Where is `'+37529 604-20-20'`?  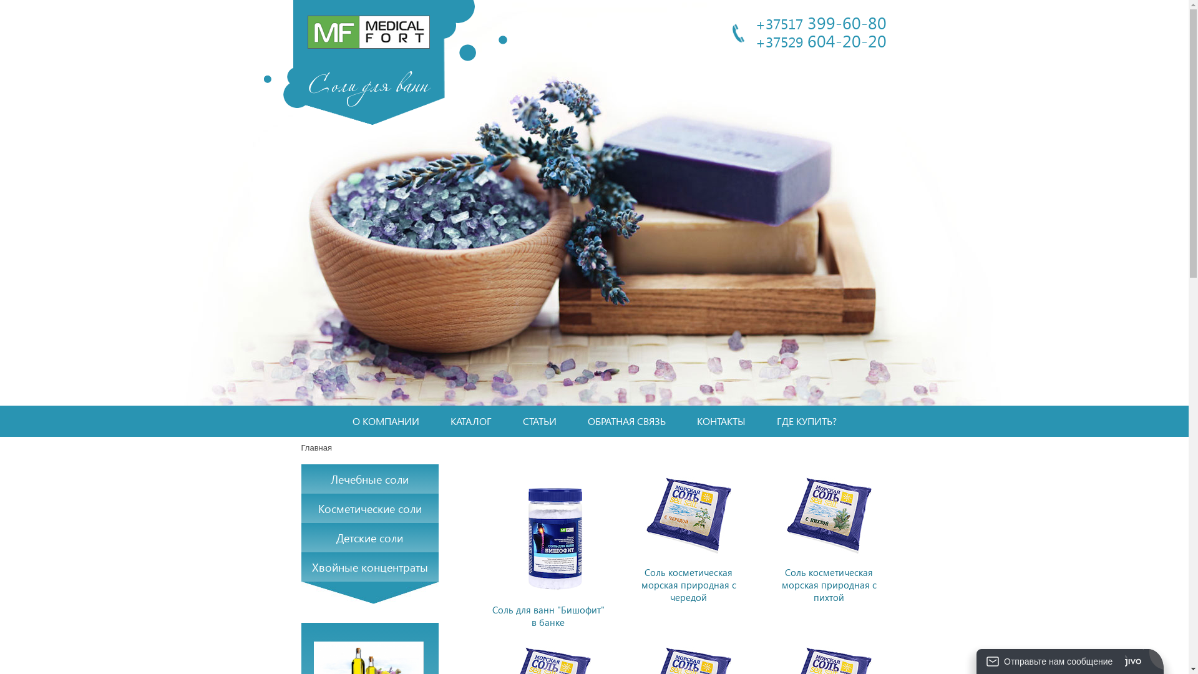 '+37529 604-20-20' is located at coordinates (821, 39).